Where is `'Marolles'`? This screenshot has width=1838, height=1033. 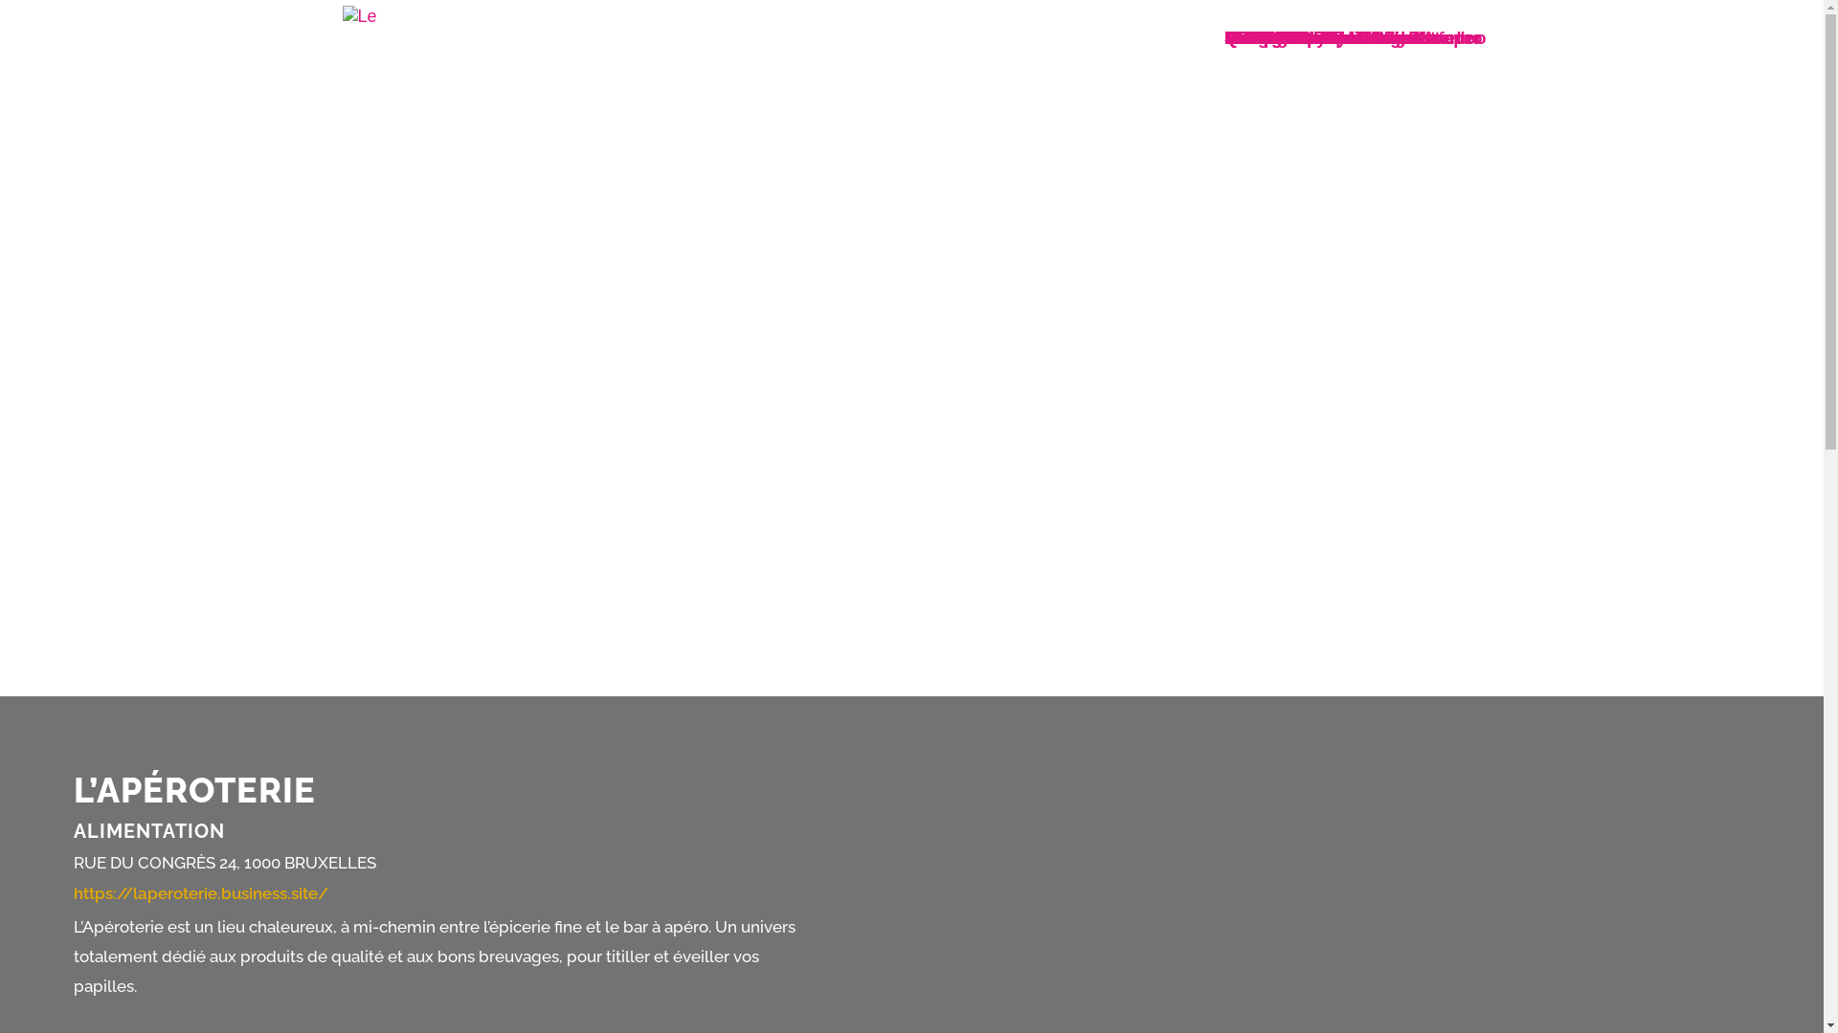 'Marolles' is located at coordinates (1259, 37).